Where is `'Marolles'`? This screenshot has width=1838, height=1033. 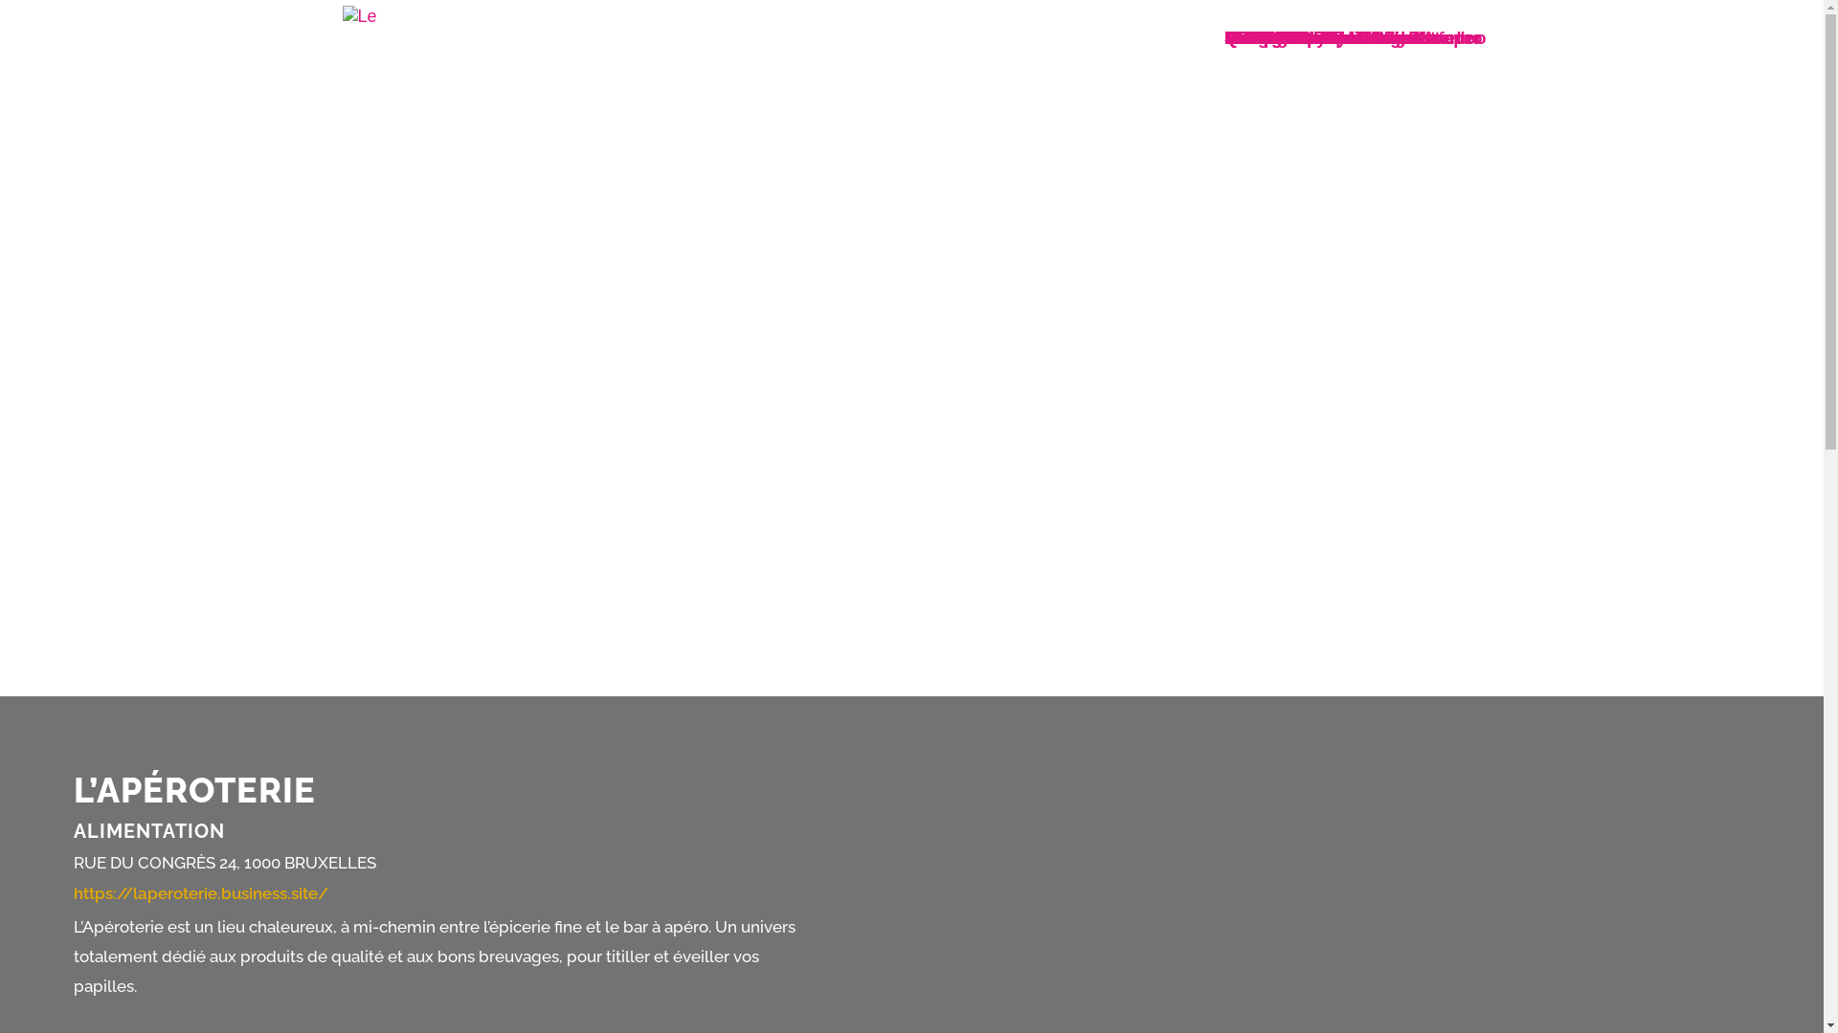 'Marolles' is located at coordinates (1259, 37).